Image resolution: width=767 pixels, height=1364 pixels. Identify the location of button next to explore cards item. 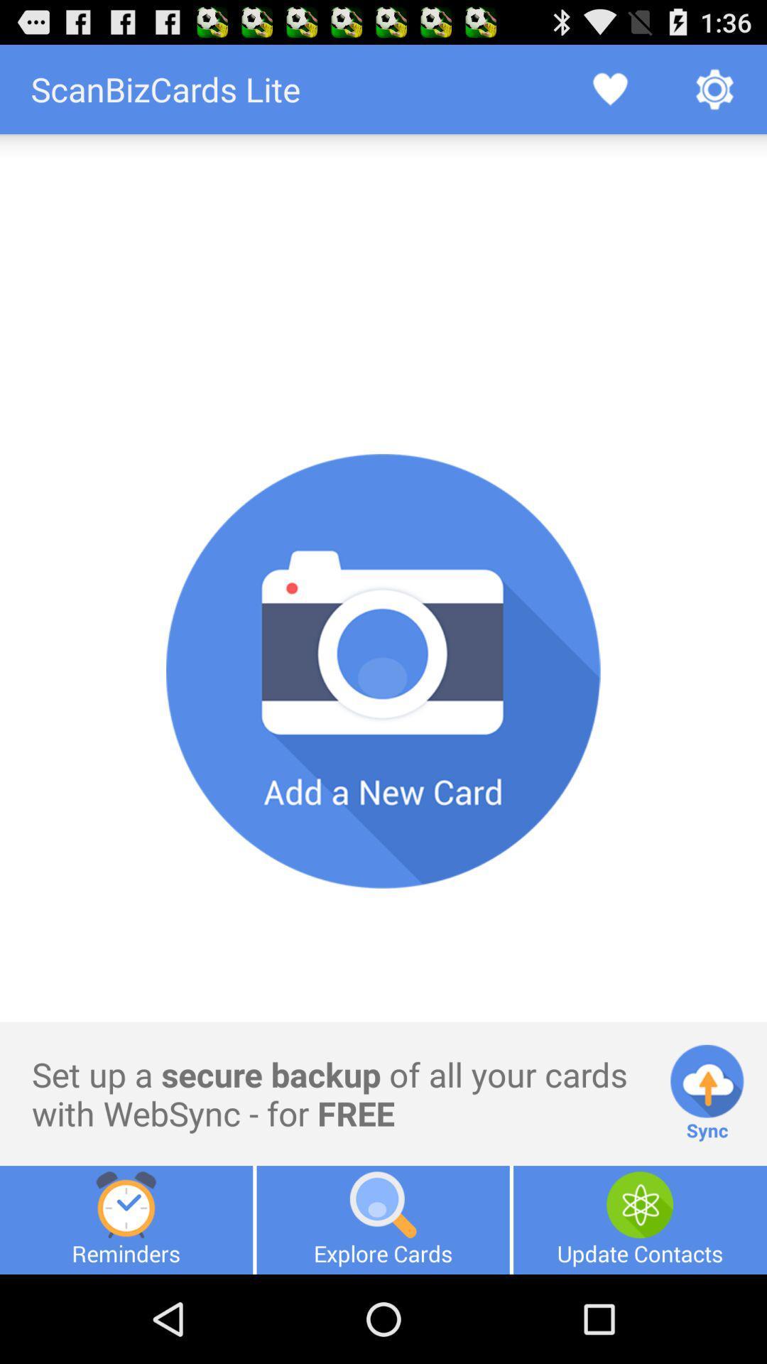
(640, 1219).